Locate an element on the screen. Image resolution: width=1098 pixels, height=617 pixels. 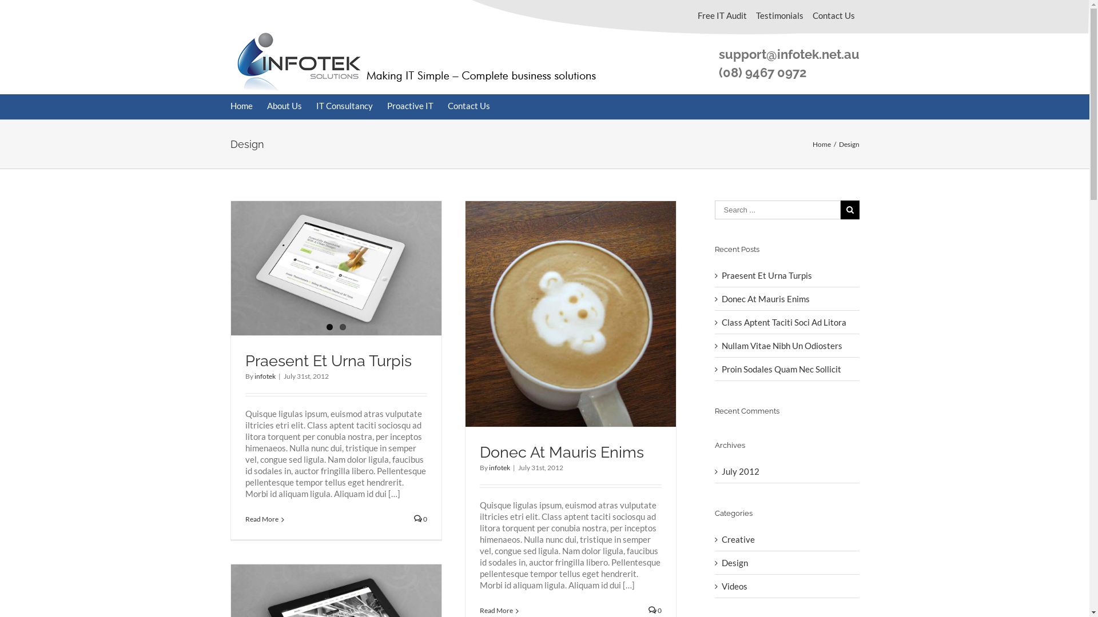
'Read More' is located at coordinates (496, 610).